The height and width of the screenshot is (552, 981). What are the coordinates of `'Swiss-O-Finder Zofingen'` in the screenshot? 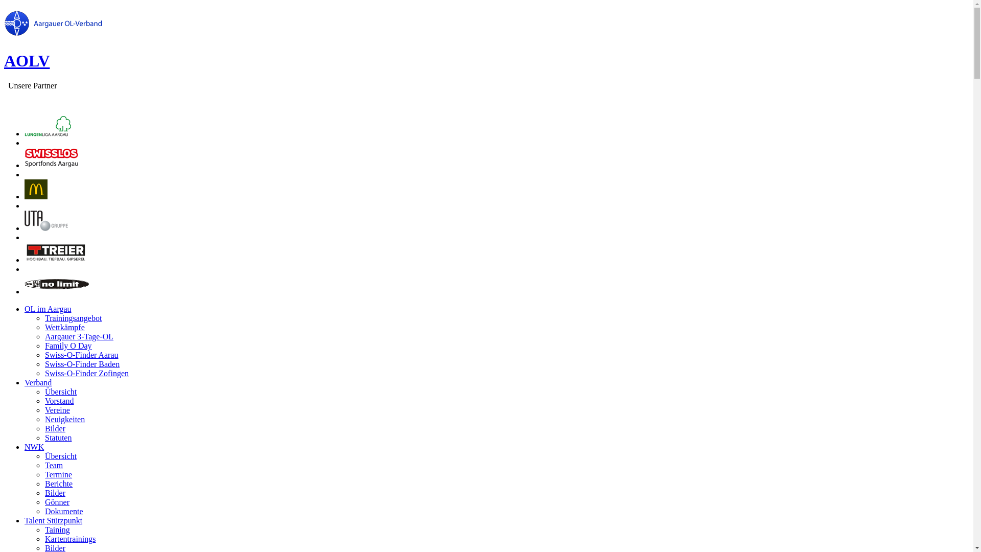 It's located at (44, 373).